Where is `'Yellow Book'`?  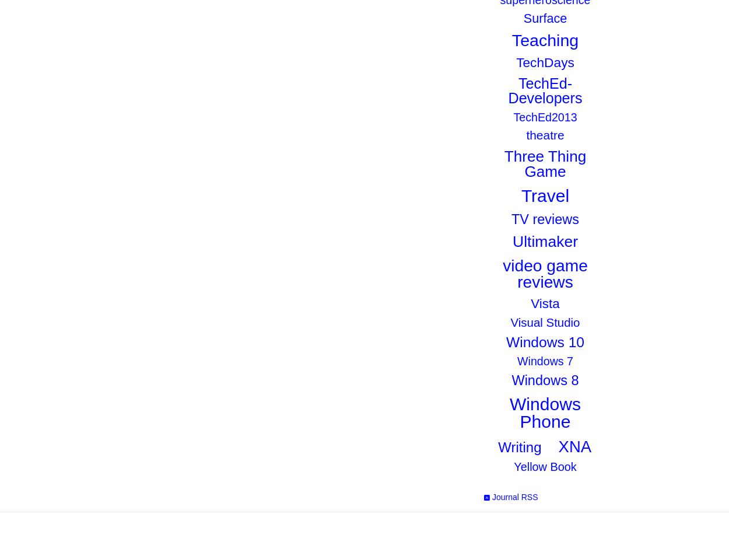 'Yellow Book' is located at coordinates (545, 466).